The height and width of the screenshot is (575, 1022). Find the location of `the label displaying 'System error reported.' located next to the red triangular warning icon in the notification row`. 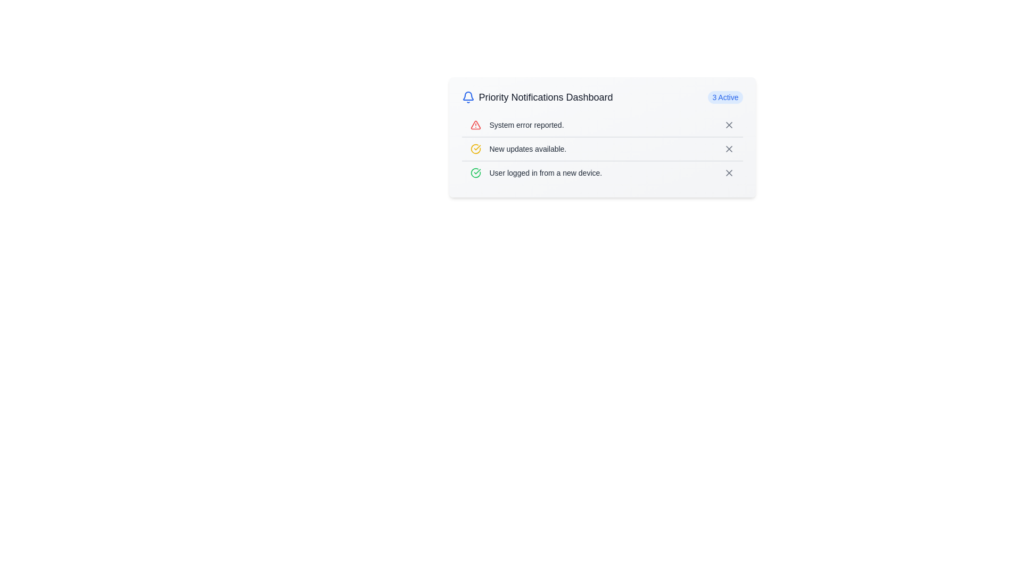

the label displaying 'System error reported.' located next to the red triangular warning icon in the notification row is located at coordinates (526, 125).